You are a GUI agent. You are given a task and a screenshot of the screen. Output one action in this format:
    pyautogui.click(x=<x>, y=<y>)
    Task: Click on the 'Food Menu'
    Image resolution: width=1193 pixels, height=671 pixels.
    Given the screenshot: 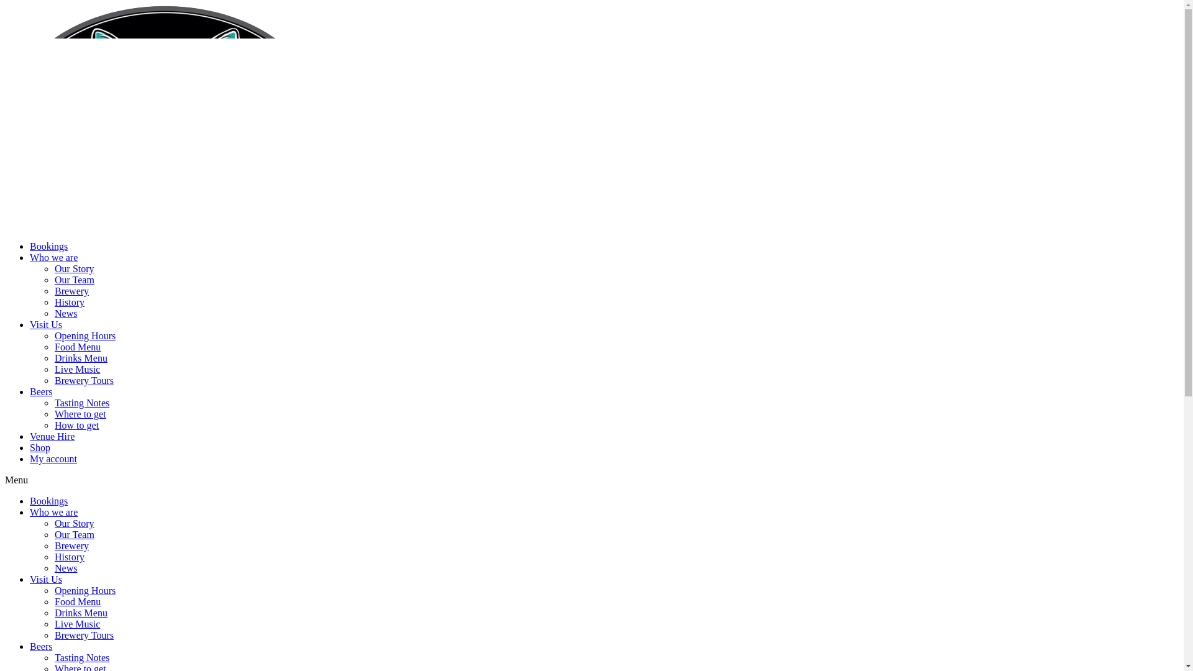 What is the action you would take?
    pyautogui.click(x=76, y=347)
    